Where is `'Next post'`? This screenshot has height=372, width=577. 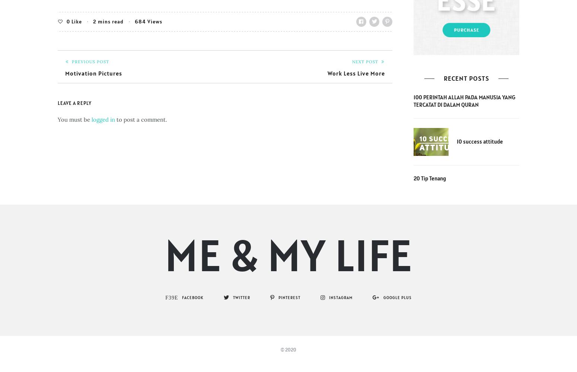 'Next post' is located at coordinates (364, 61).